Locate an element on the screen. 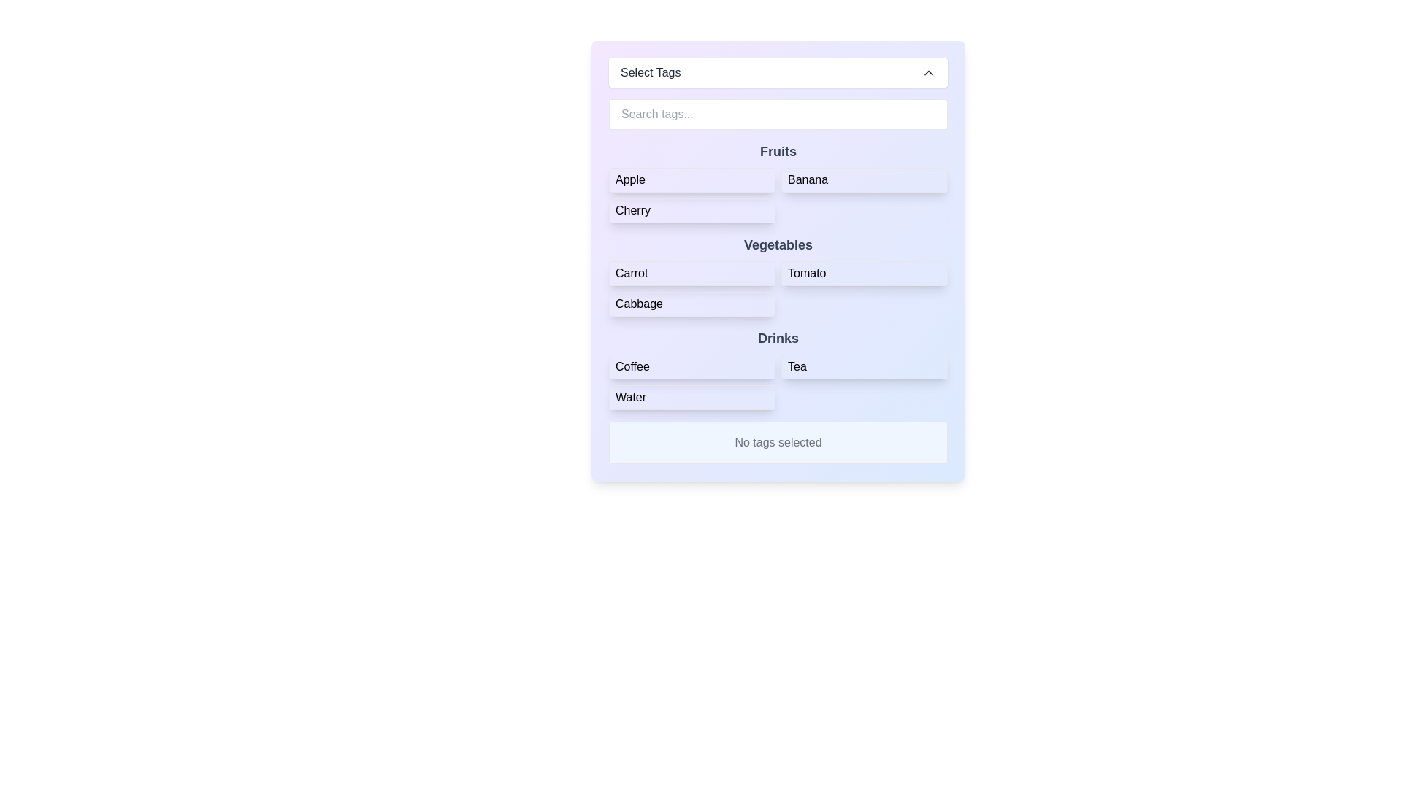 This screenshot has width=1402, height=788. the informational text box with a light blue background that displays 'No tags selected' in gray color, which is located below the list of selectable items for 'Fruits', 'Vegetables', and 'Drinks' is located at coordinates (777, 441).